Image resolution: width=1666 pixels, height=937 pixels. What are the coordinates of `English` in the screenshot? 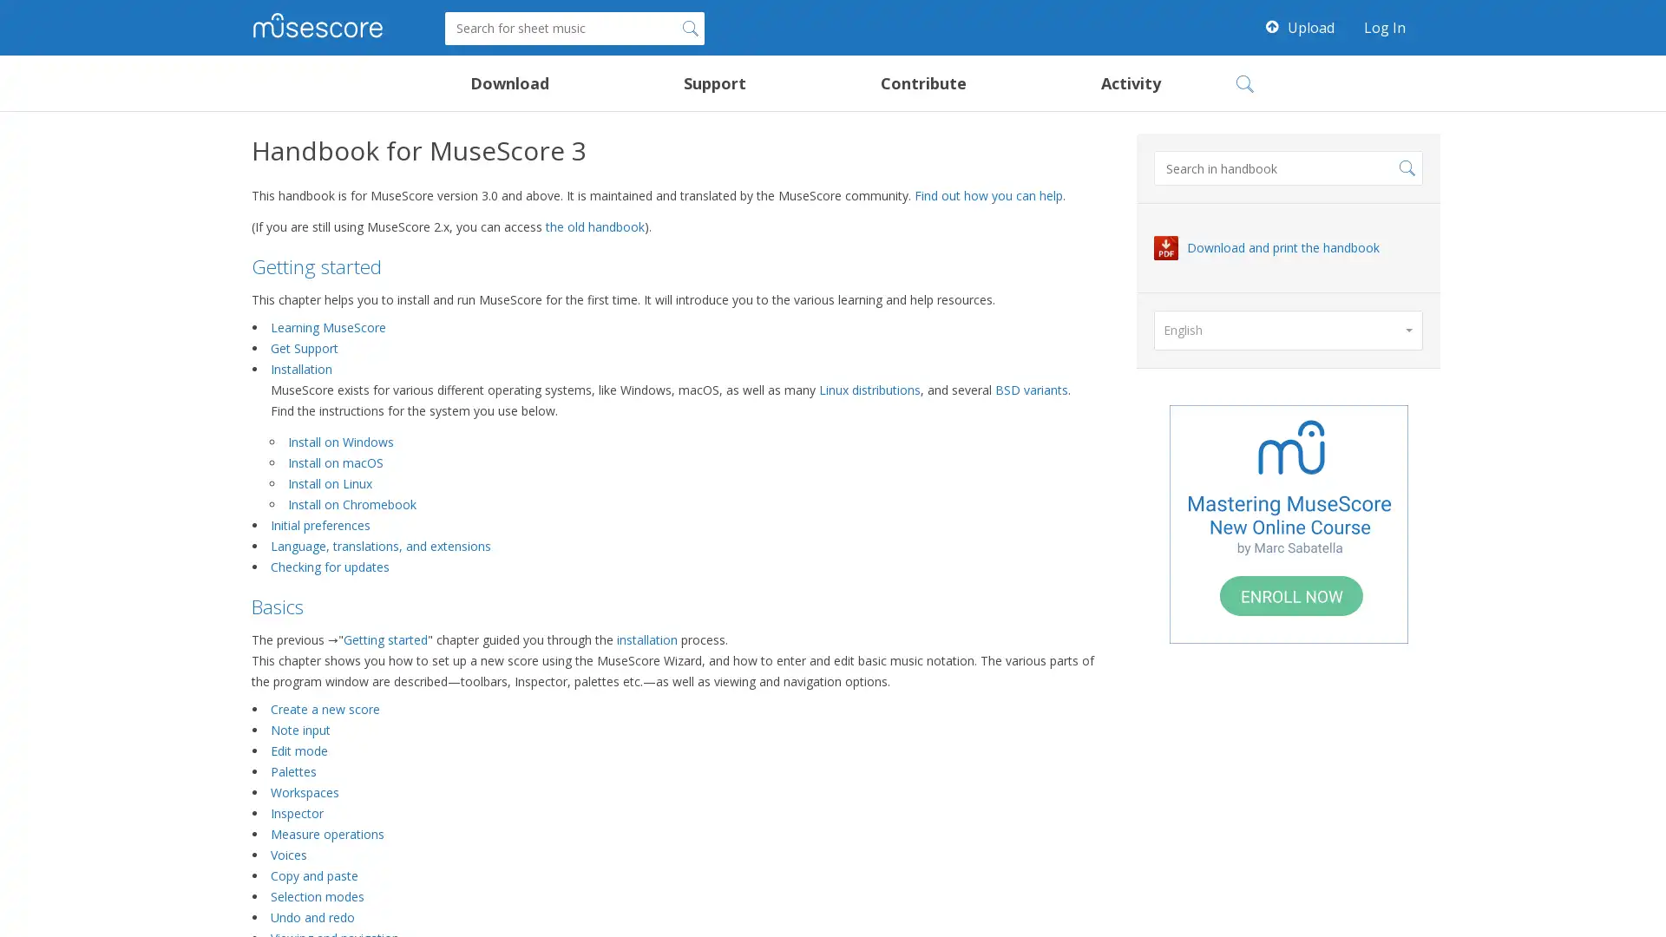 It's located at (1288, 331).